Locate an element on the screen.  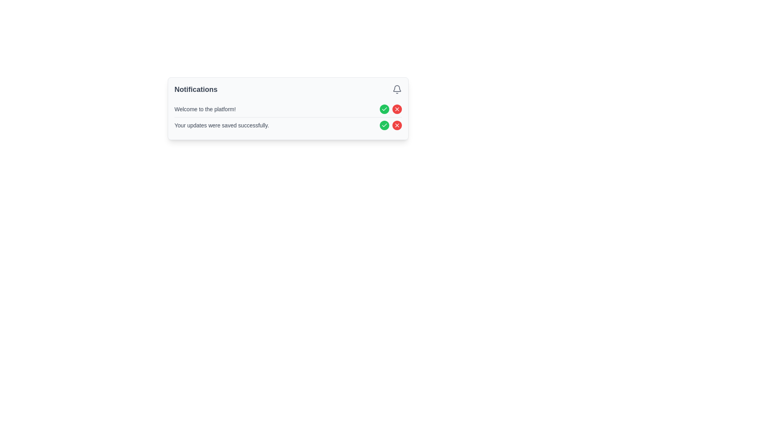
the bell-shaped icon located on the far right side of the header section labeled 'Notifications' is located at coordinates (397, 89).